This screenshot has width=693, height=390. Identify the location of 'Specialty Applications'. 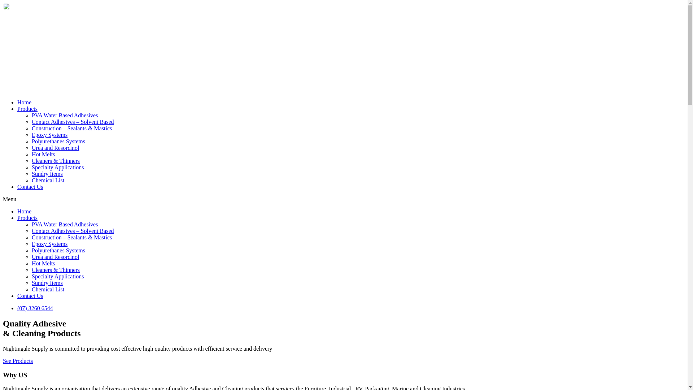
(57, 276).